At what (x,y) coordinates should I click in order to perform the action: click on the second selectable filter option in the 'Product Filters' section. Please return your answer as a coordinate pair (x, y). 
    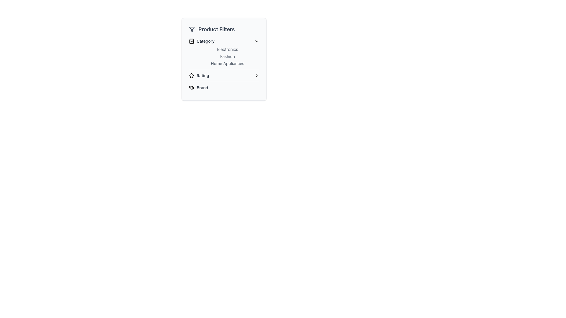
    Looking at the image, I should click on (223, 77).